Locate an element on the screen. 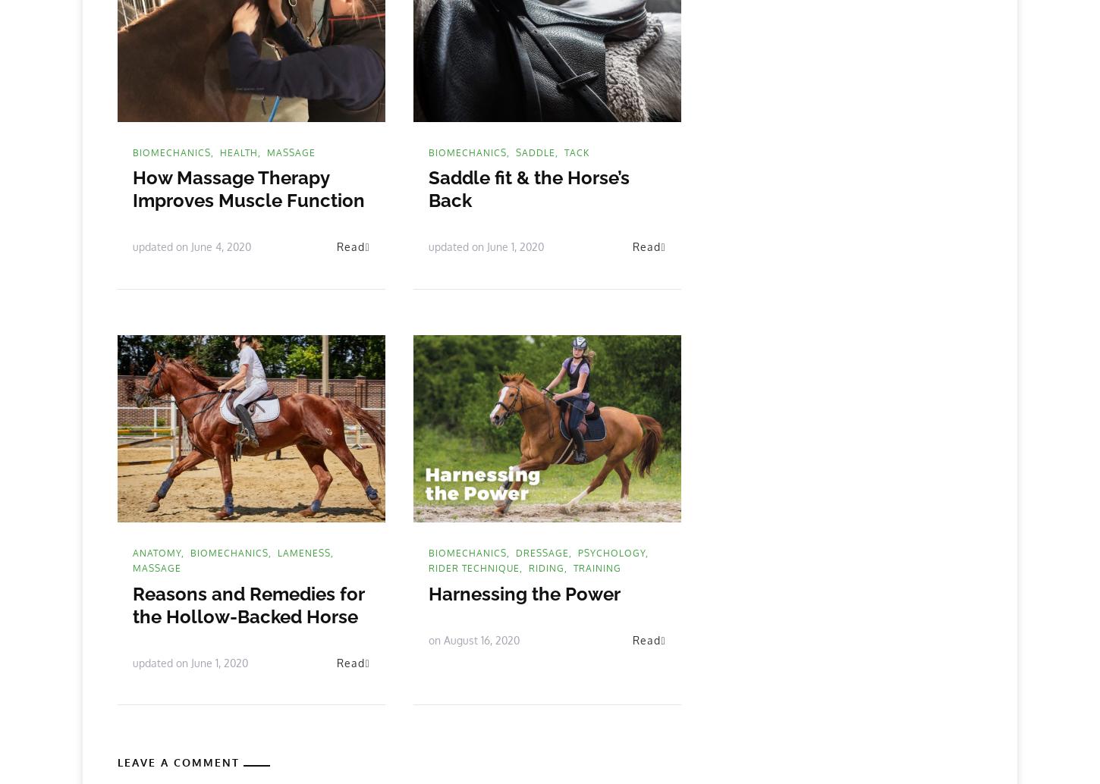  'health' is located at coordinates (220, 152).